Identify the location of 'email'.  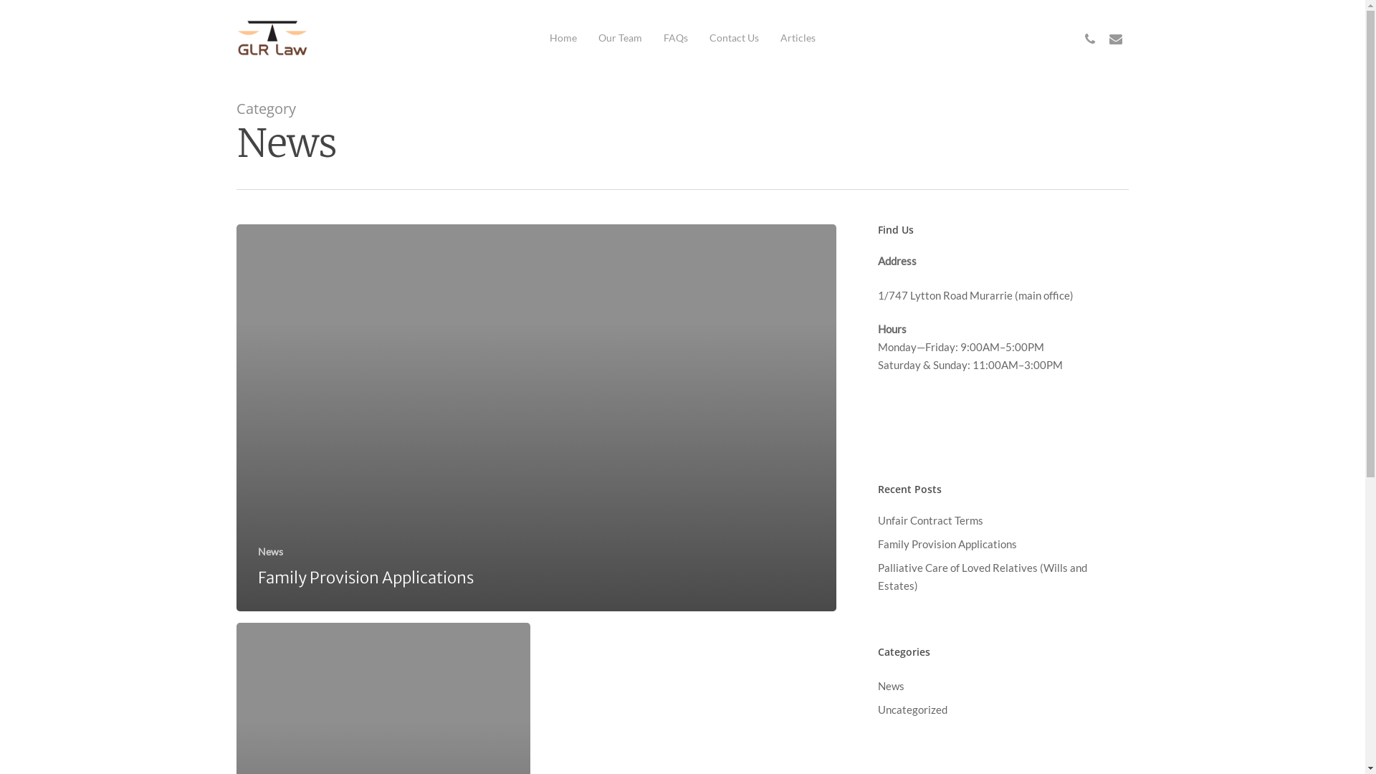
(1102, 37).